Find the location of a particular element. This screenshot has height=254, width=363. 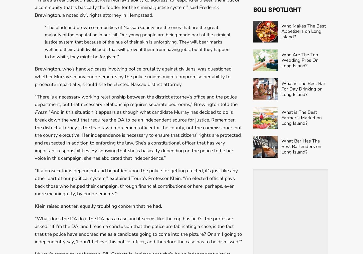

'“There is a necessary working relationship between the district attorney’s office and the police department, but that necessary relationship requires separate bedrooms,” Brewington told the' is located at coordinates (136, 100).